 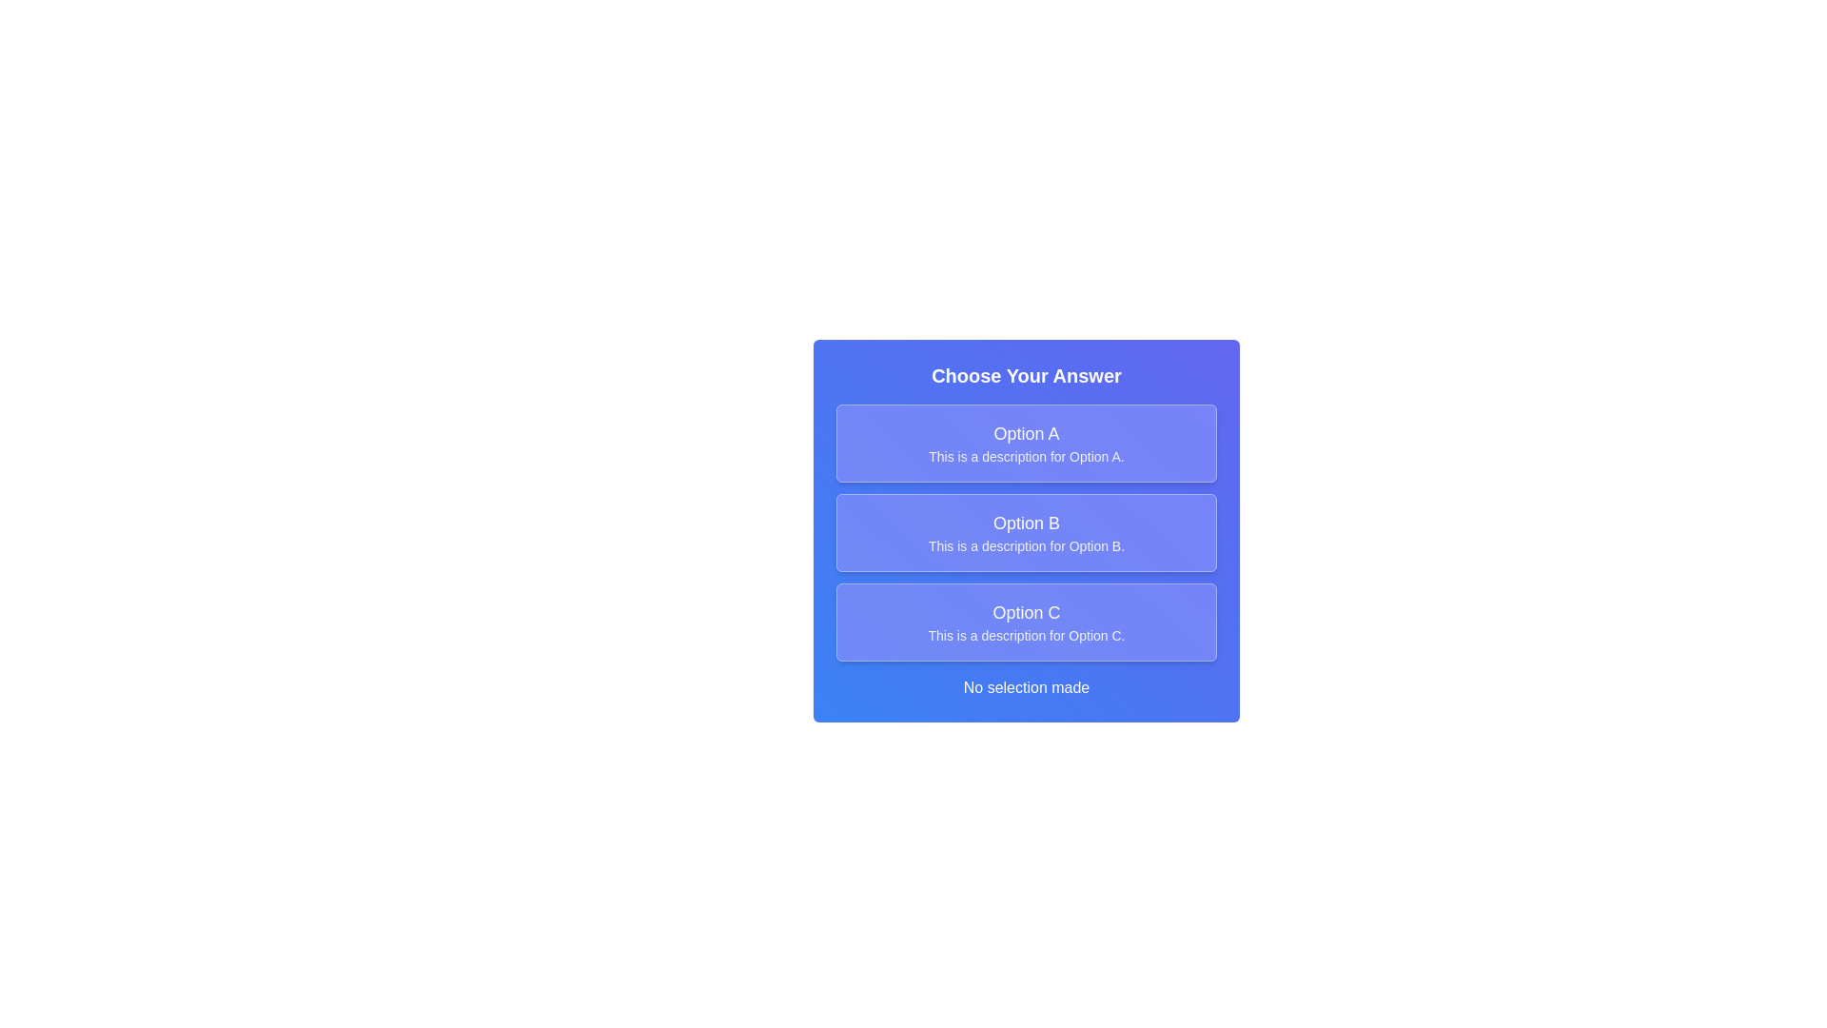 What do you see at coordinates (1026, 613) in the screenshot?
I see `the text label for 'Option C,' which serves as the identifier for this specific option in the vertical list of options` at bounding box center [1026, 613].